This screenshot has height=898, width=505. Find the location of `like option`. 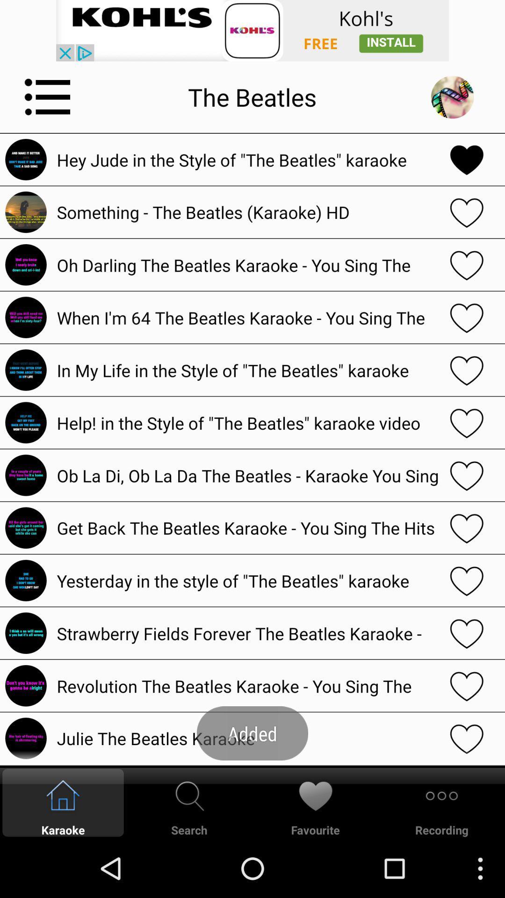

like option is located at coordinates (467, 369).